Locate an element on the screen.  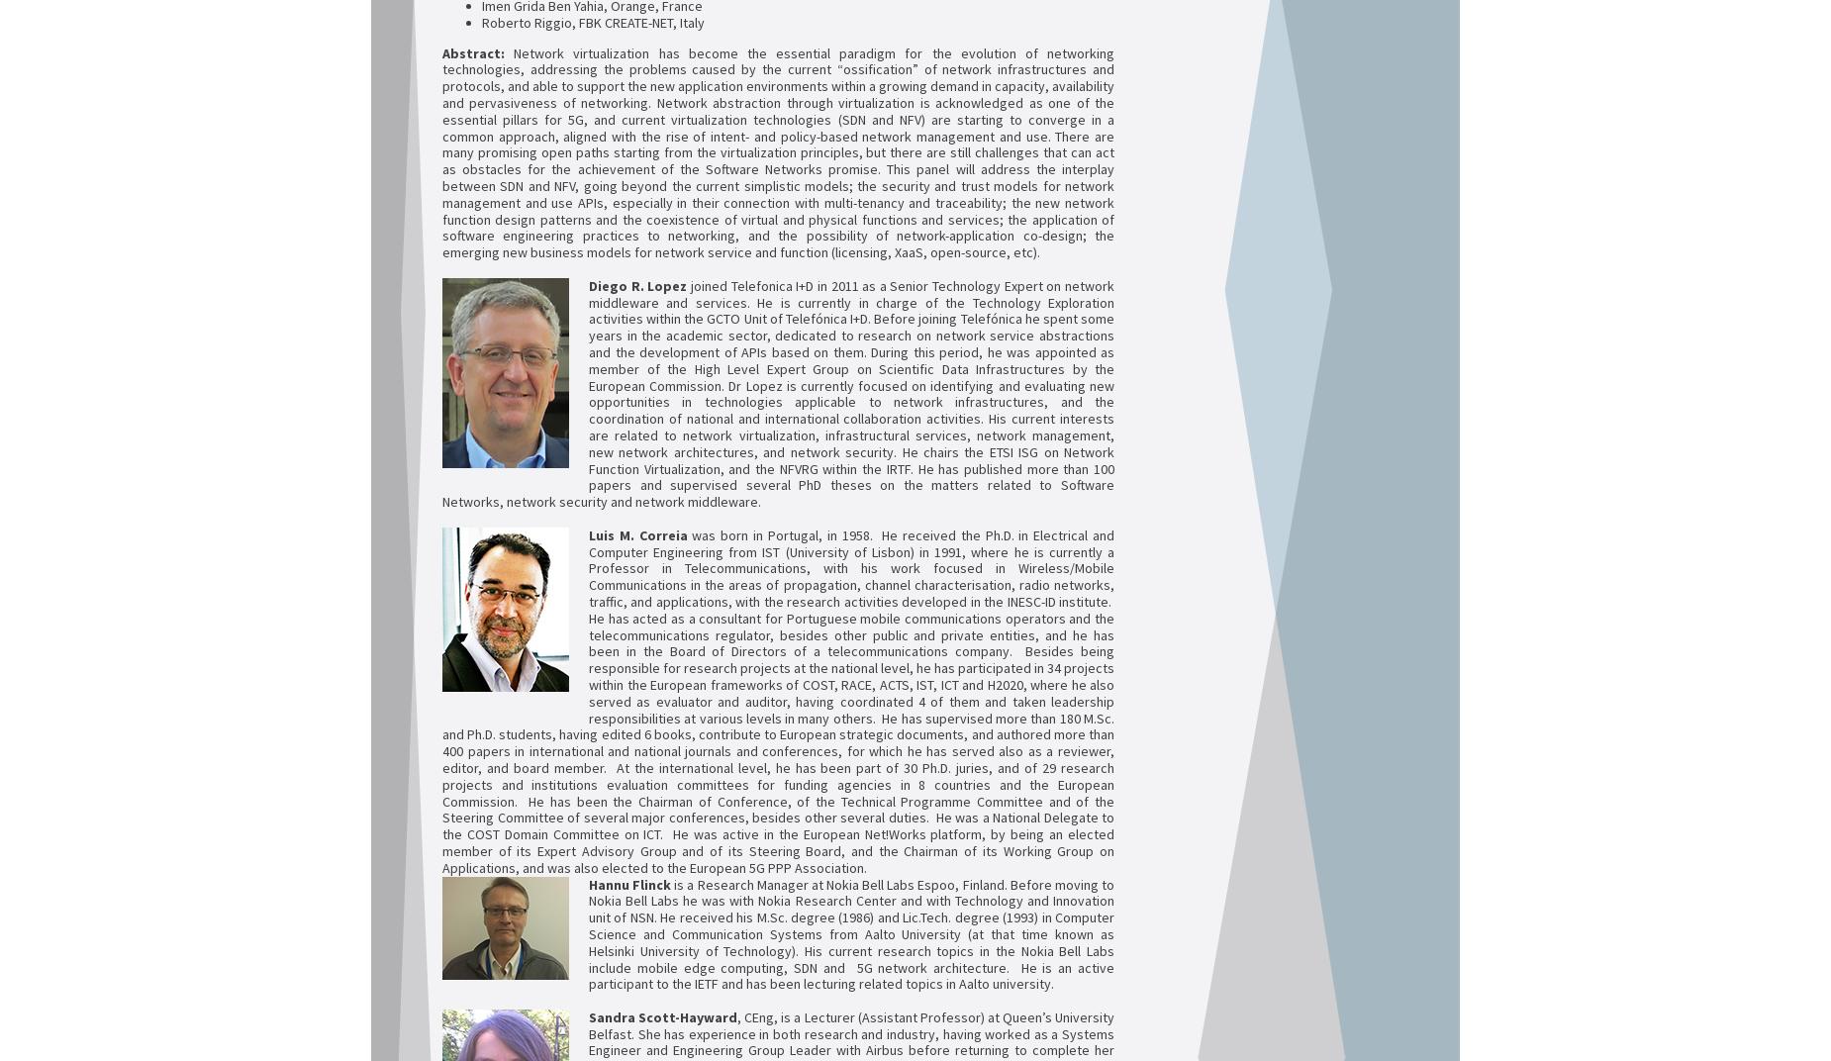
'Network virtualization has become the essential paradigm for the evolution of networking technologies, addressing the problems caused by the current “ossification” of network infrastructures and protocols, and able to support the new application environments within a growing demand in capacity, availability and pervasiveness of networking. Network abstraction through virtualization is acknowledged as one of the essential pillars for 5G, and current virtualization technologies (SDN and NFV) are starting to converge in a common approach, aligned with the rise of intent- and policy-based network management and use. There are many promising open paths starting from the virtualization principles, but there are still challenges that can act as obstacles for the achievement of the Software Networks promise. This panel will address the interplay between SDN and NFV, going beyond the current simplistic models; the security and trust models for network management and use APIs, especially in their connection with multi-tenancy and traceability; the new network function design patterns and the coexistence of virtual and physical functions and services; the application of software engineering practices to networking, and the possibility of network-application co-design; the emerging new business models for network service and function (licensing, XaaS, open-source, etc).' is located at coordinates (778, 151).